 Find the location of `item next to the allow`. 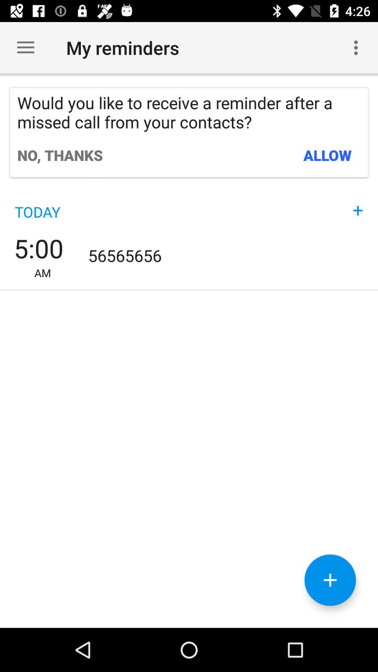

item next to the allow is located at coordinates (59, 155).